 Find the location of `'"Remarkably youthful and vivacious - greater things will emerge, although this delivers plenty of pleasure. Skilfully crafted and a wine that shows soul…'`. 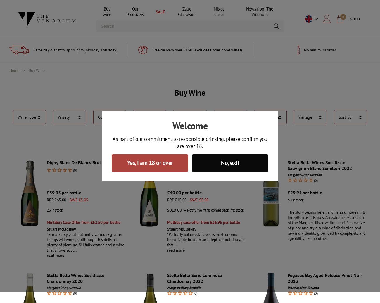

'"Remarkably youthful and vivacious - greater things will emerge, although this delivers plenty of pleasure. Skilfully crafted and a wine that shows soul…' is located at coordinates (85, 242).